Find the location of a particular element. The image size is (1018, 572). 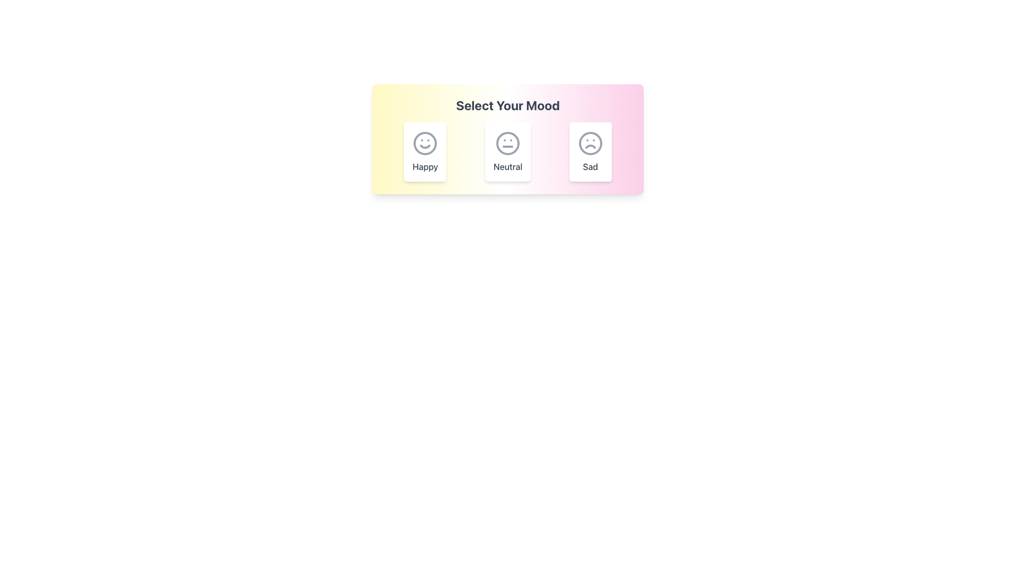

the neutral mood icon represented by the central SVG Circle in the interface, which is part of a selection of three mood options: 'Happy', 'Neutral', and 'Sad' is located at coordinates (507, 143).